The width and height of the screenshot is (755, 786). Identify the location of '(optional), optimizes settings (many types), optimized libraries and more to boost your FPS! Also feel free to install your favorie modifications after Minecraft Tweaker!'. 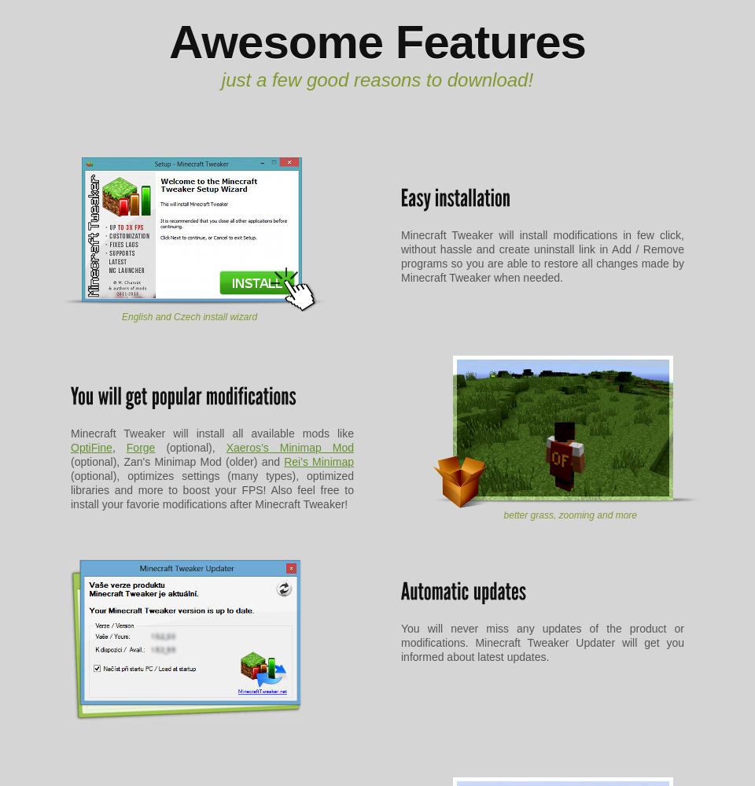
(71, 489).